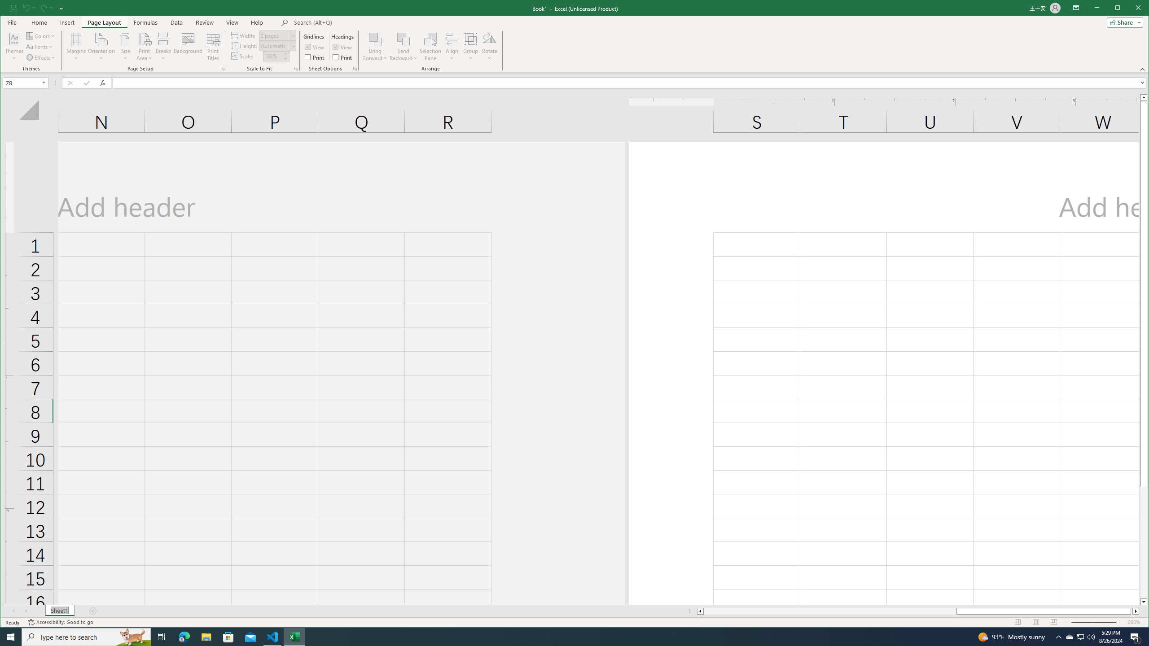  Describe the element at coordinates (76, 46) in the screenshot. I see `'Margins'` at that location.